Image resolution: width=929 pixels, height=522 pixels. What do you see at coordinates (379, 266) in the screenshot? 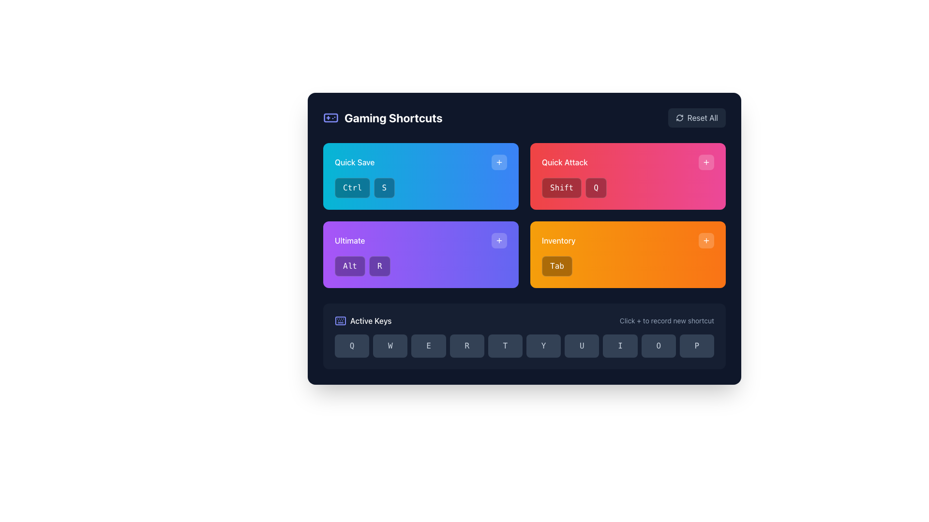
I see `the button labeled 'R', which is the second button in the horizontal sequence within the 'Ultimate' group` at bounding box center [379, 266].